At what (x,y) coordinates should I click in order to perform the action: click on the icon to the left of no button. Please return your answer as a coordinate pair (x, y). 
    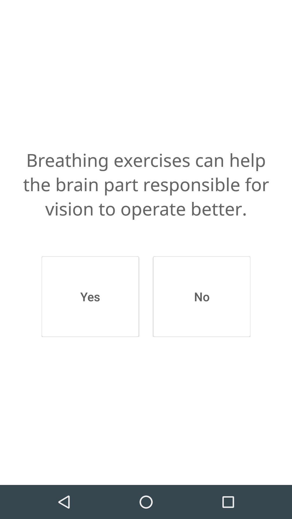
    Looking at the image, I should click on (90, 296).